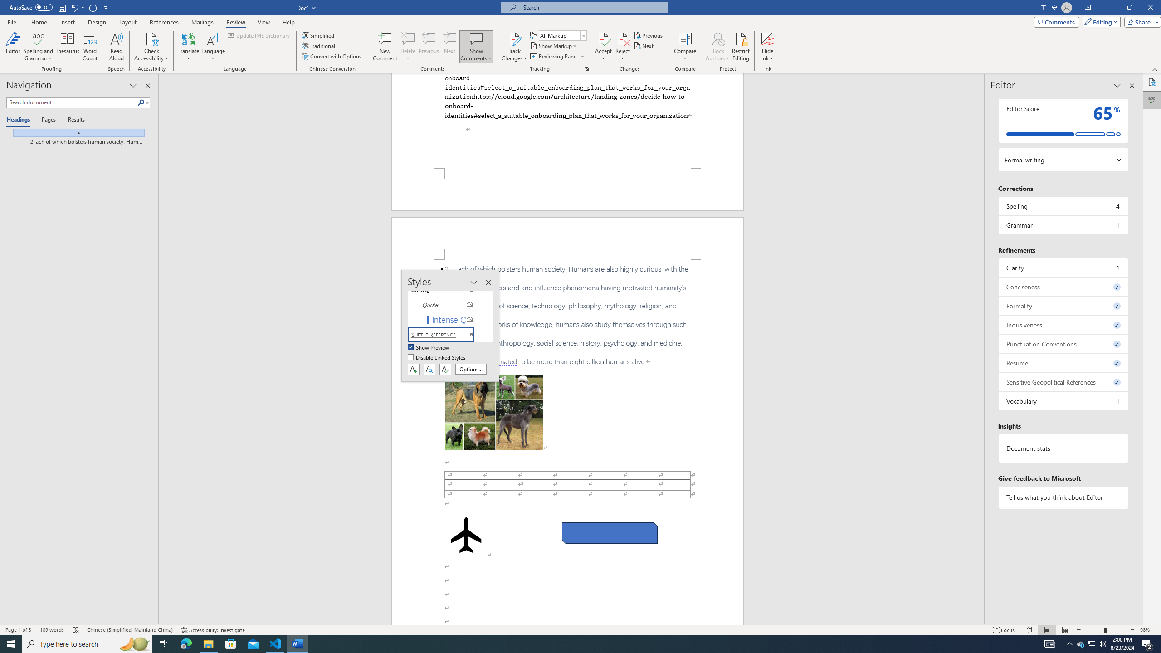  Describe the element at coordinates (567, 189) in the screenshot. I see `'Footer -Section 1-'` at that location.